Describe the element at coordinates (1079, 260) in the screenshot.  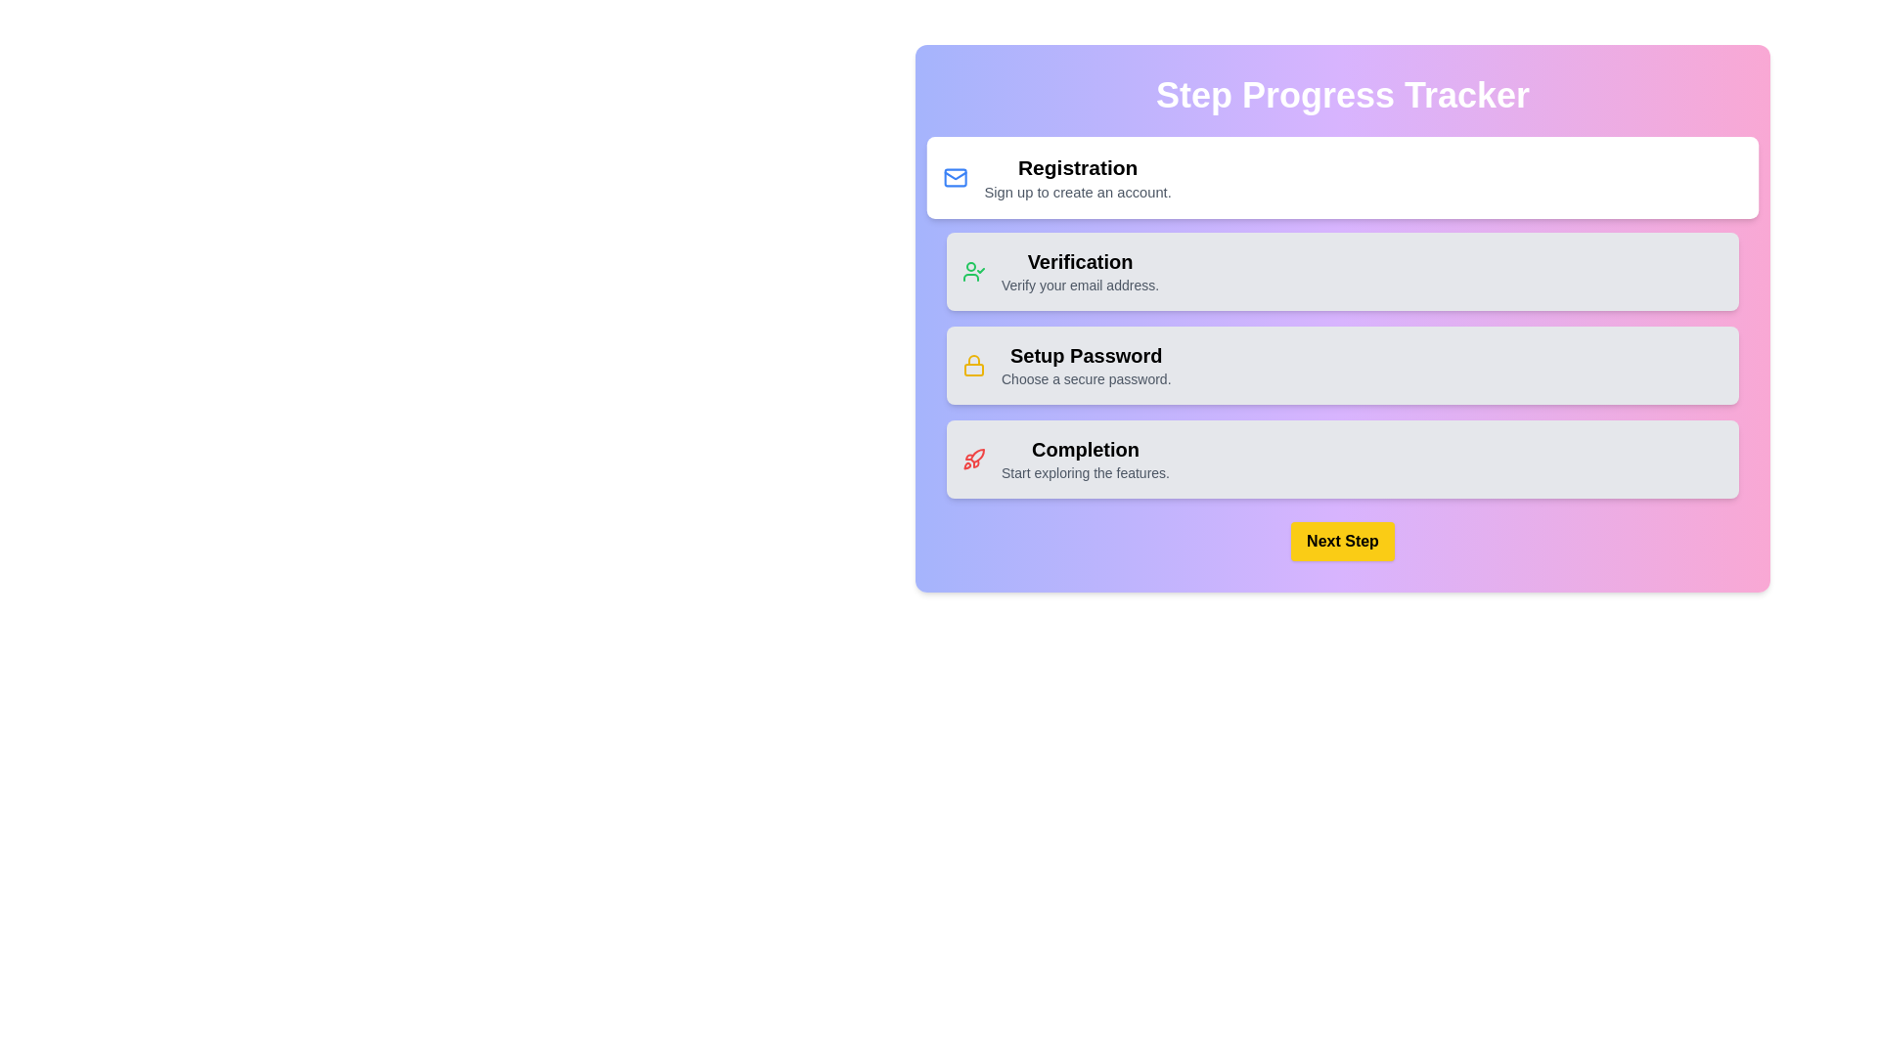
I see `the static text element that serves as a bold title for the second step in the step progress tracker, positioned above 'Setup Password' and below 'Registration'` at that location.